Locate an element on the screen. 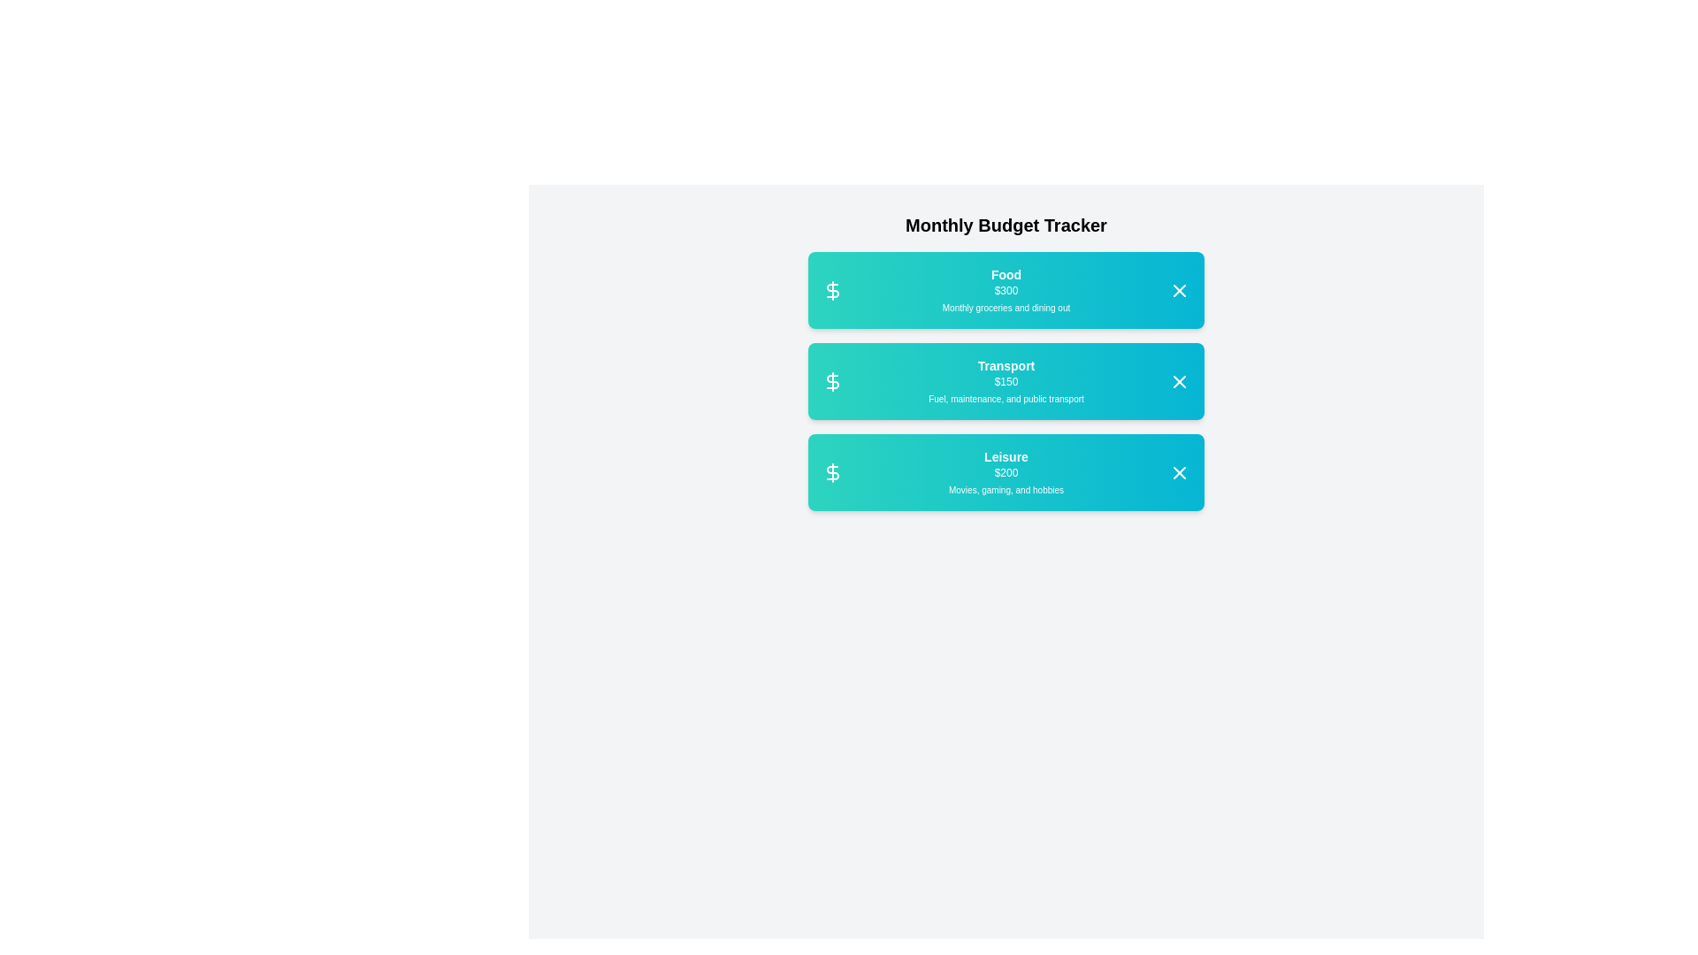  close button for the category Transport is located at coordinates (1180, 380).